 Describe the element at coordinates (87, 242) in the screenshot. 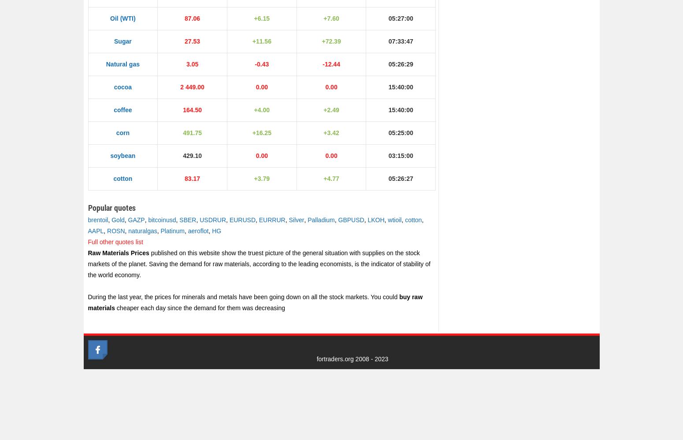

I see `'Full other quotes list'` at that location.